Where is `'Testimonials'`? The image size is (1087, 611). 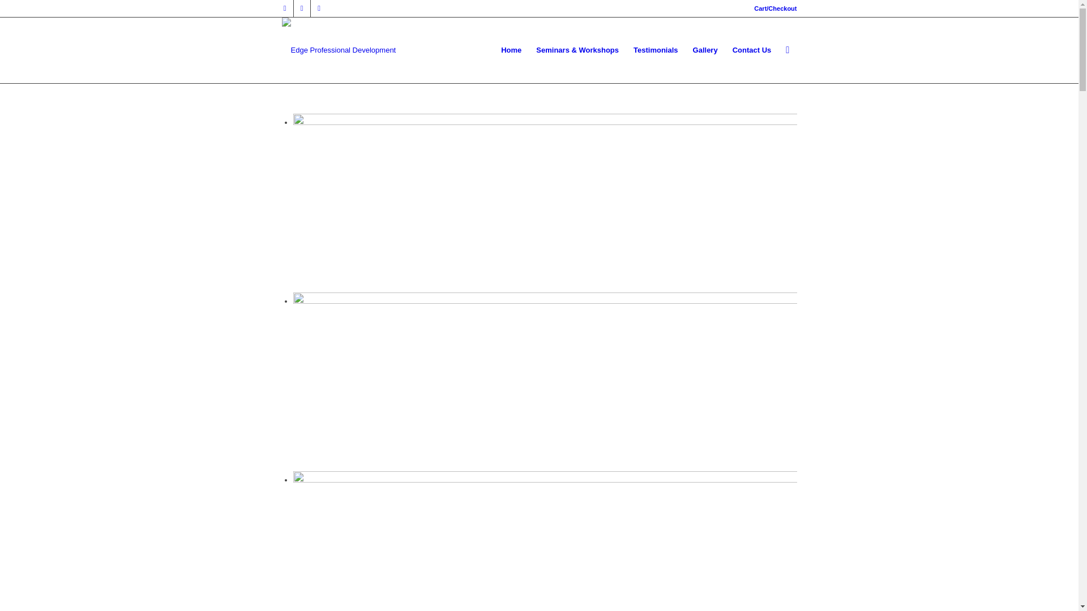 'Testimonials' is located at coordinates (656, 49).